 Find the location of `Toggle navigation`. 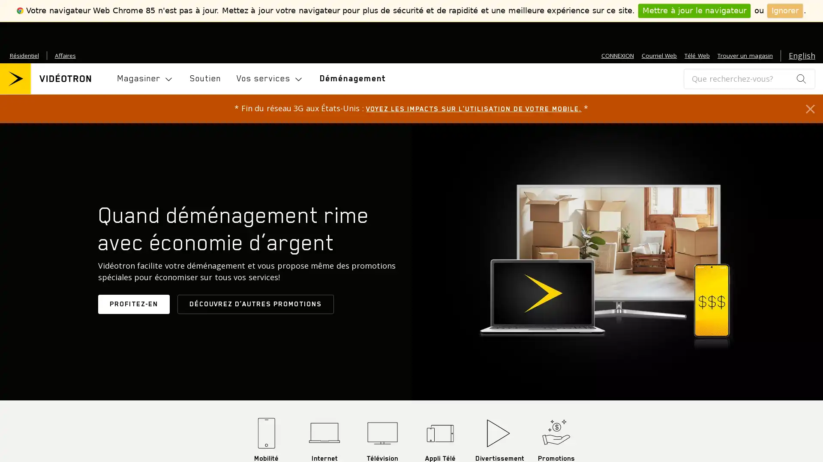

Toggle navigation is located at coordinates (269, 79).